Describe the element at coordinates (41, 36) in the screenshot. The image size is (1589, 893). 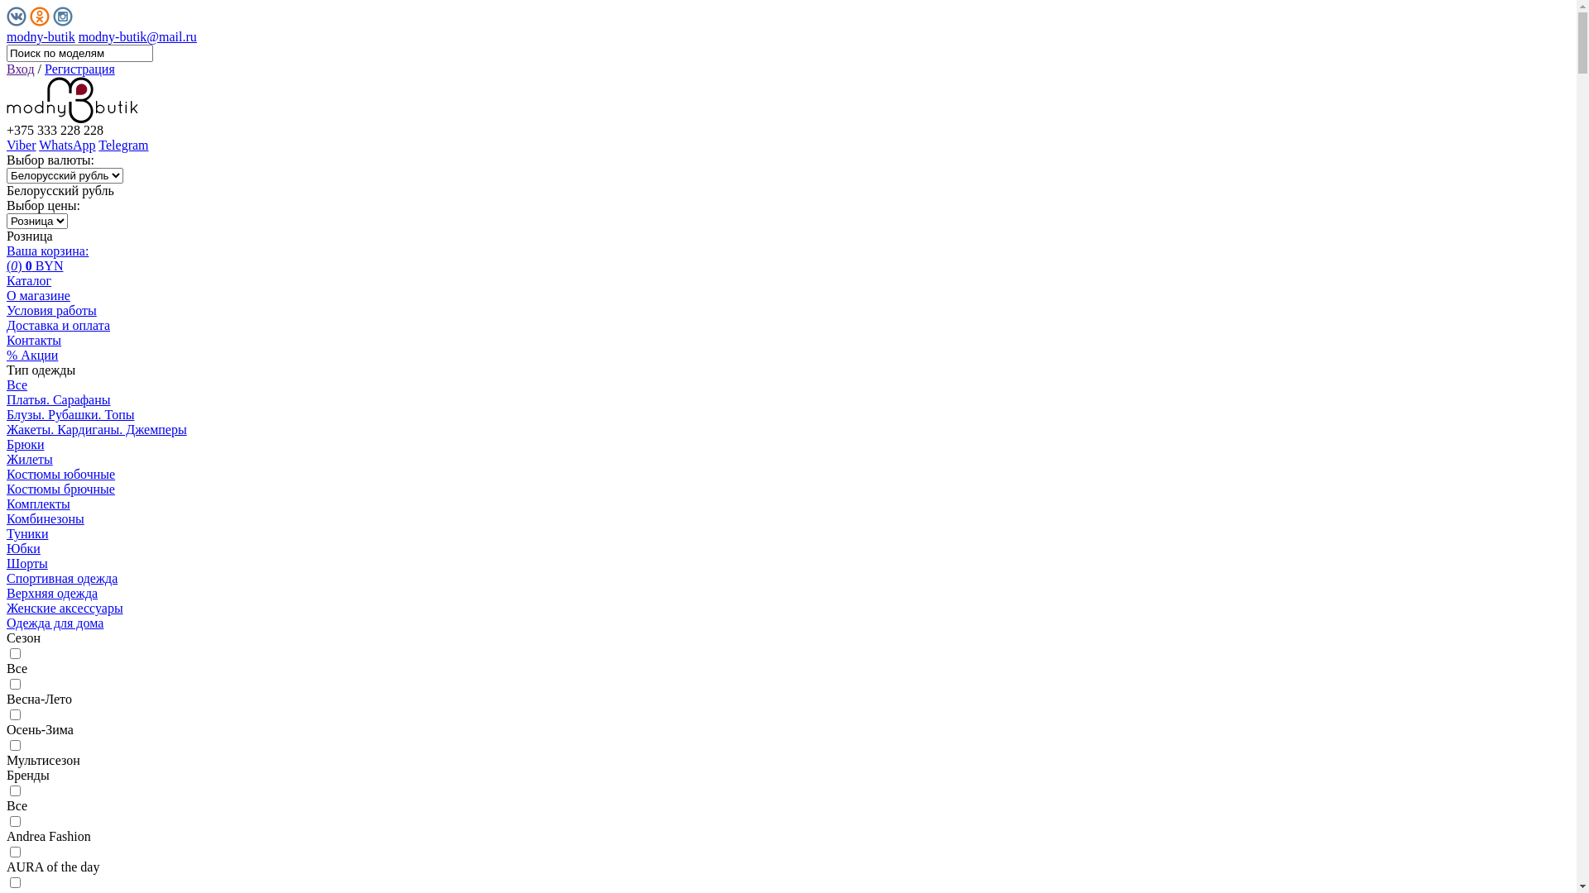
I see `'modny-butik'` at that location.